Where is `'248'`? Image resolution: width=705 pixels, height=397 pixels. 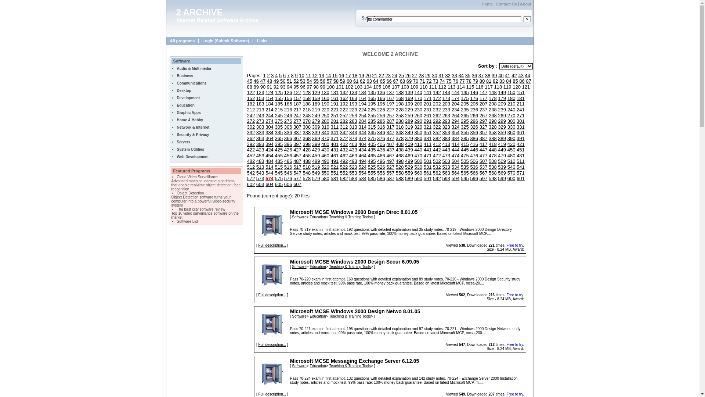
'248' is located at coordinates (303, 115).